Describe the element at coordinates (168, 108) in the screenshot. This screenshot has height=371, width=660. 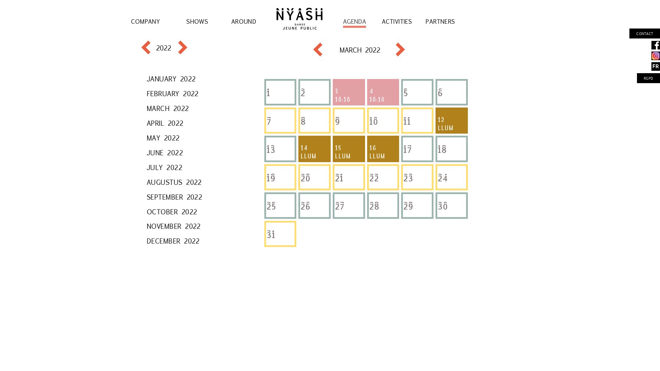
I see `'MARCH 2022'` at that location.